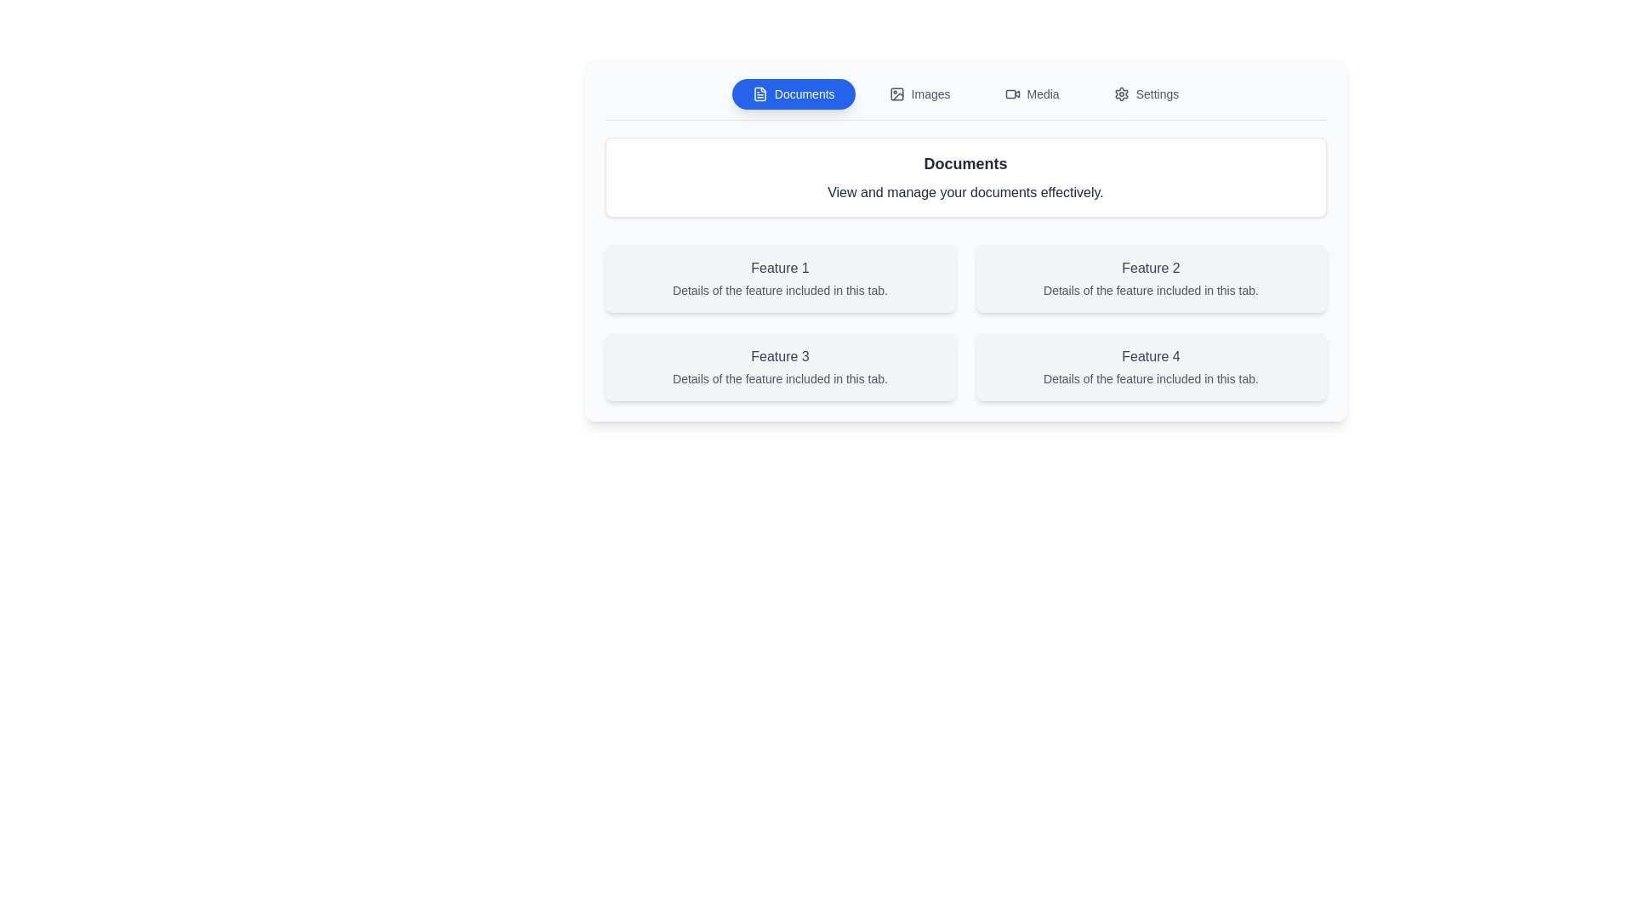 The width and height of the screenshot is (1633, 918). I want to click on the 'Documents' label, which is styled in white against a blue rounded rectangular background within the navigation tab, so click(804, 94).